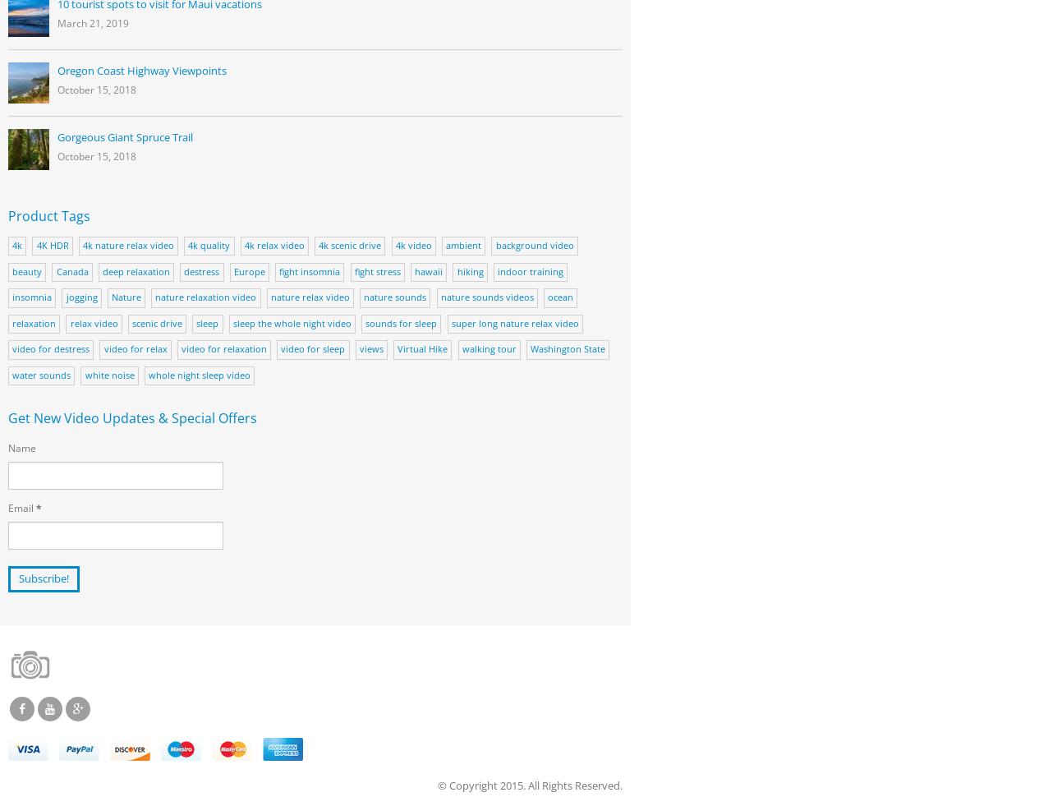 The image size is (1048, 797). What do you see at coordinates (34, 322) in the screenshot?
I see `'relaxation'` at bounding box center [34, 322].